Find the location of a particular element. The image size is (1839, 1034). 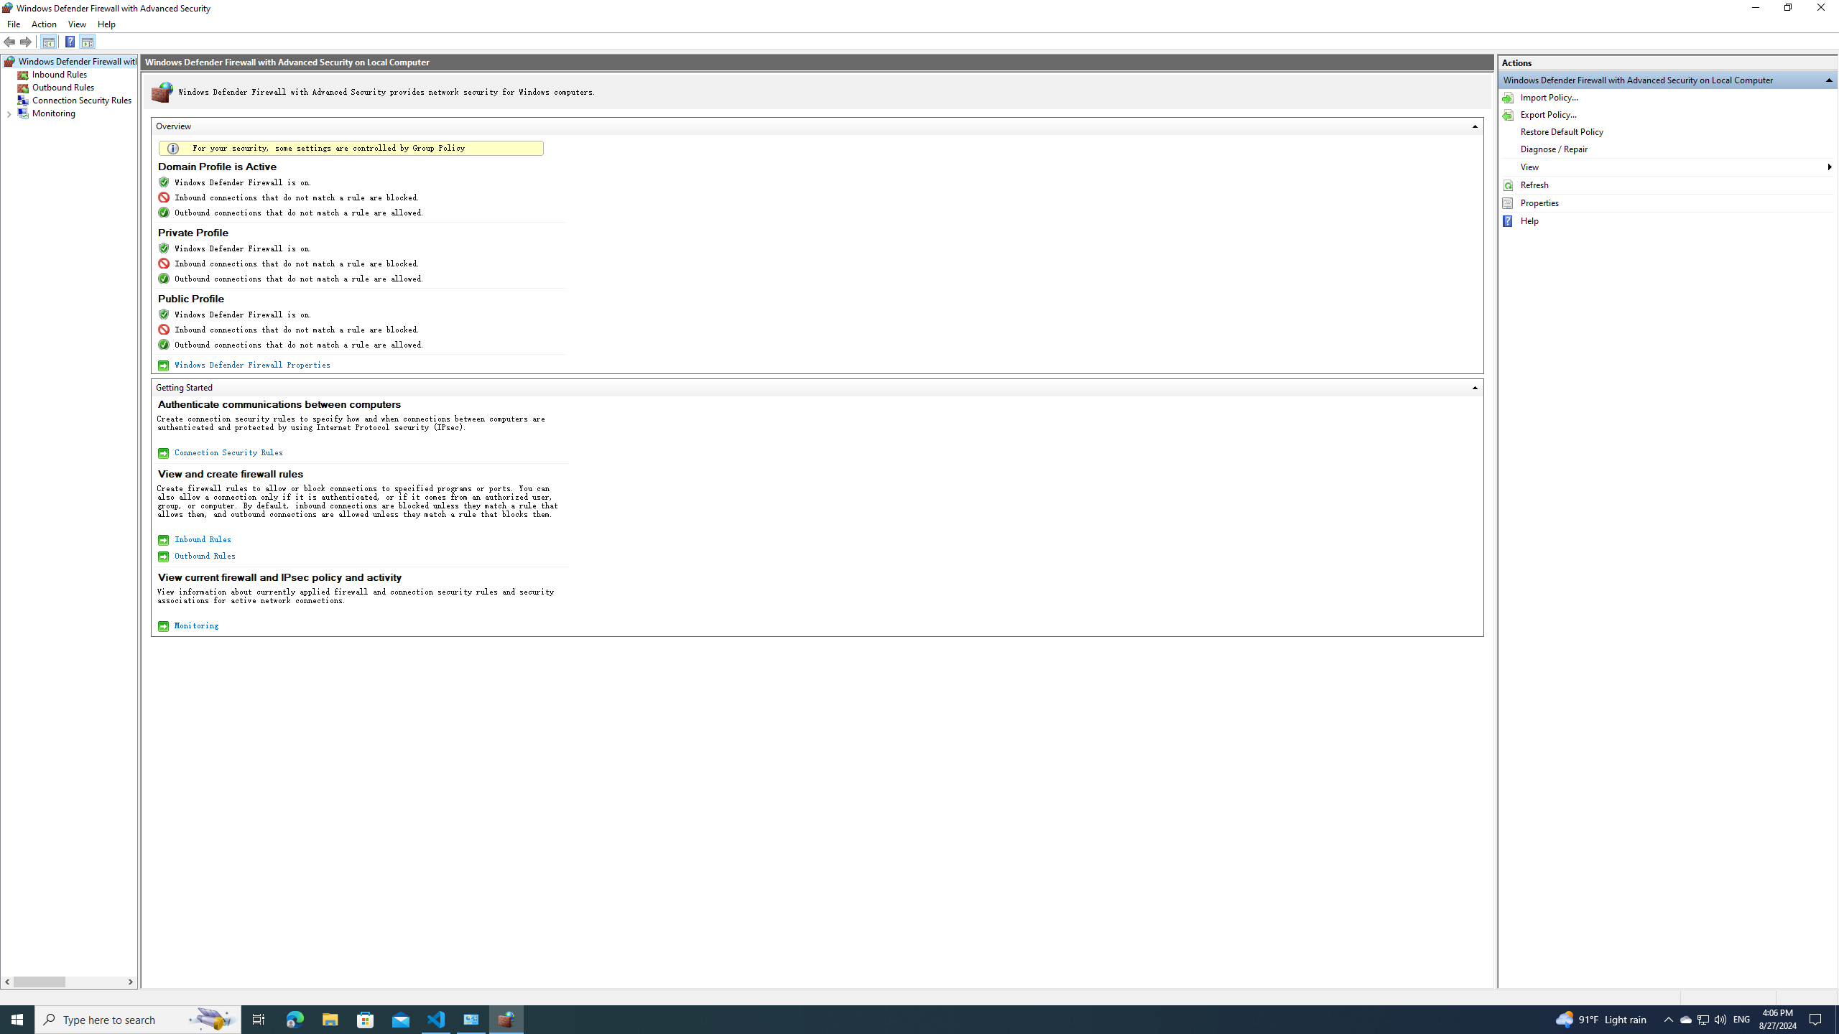

'Close' is located at coordinates (1824, 11).